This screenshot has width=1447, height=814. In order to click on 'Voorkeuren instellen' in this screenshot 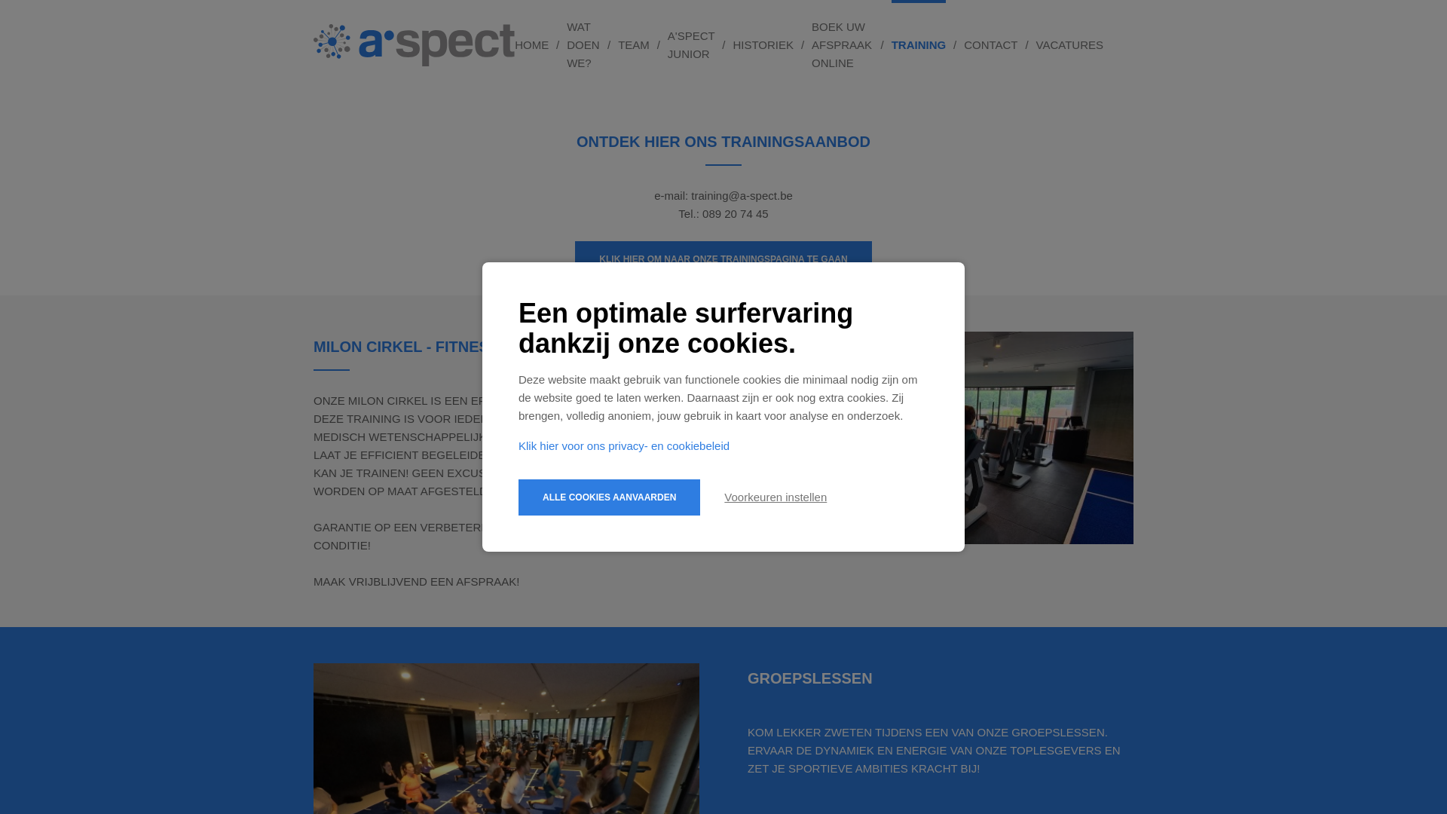, I will do `click(775, 497)`.